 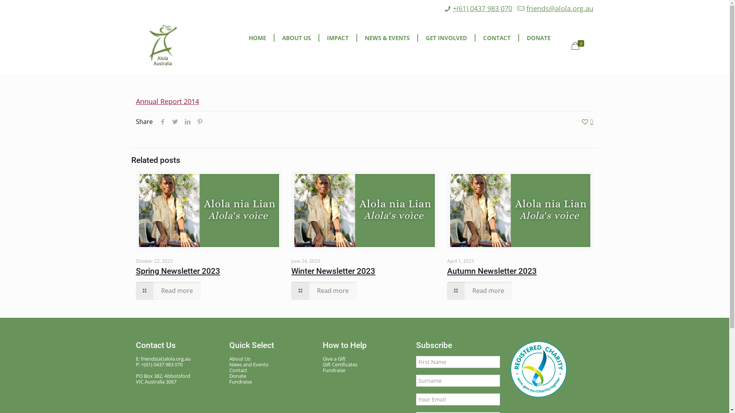 What do you see at coordinates (338, 38) in the screenshot?
I see `'IMPACT'` at bounding box center [338, 38].